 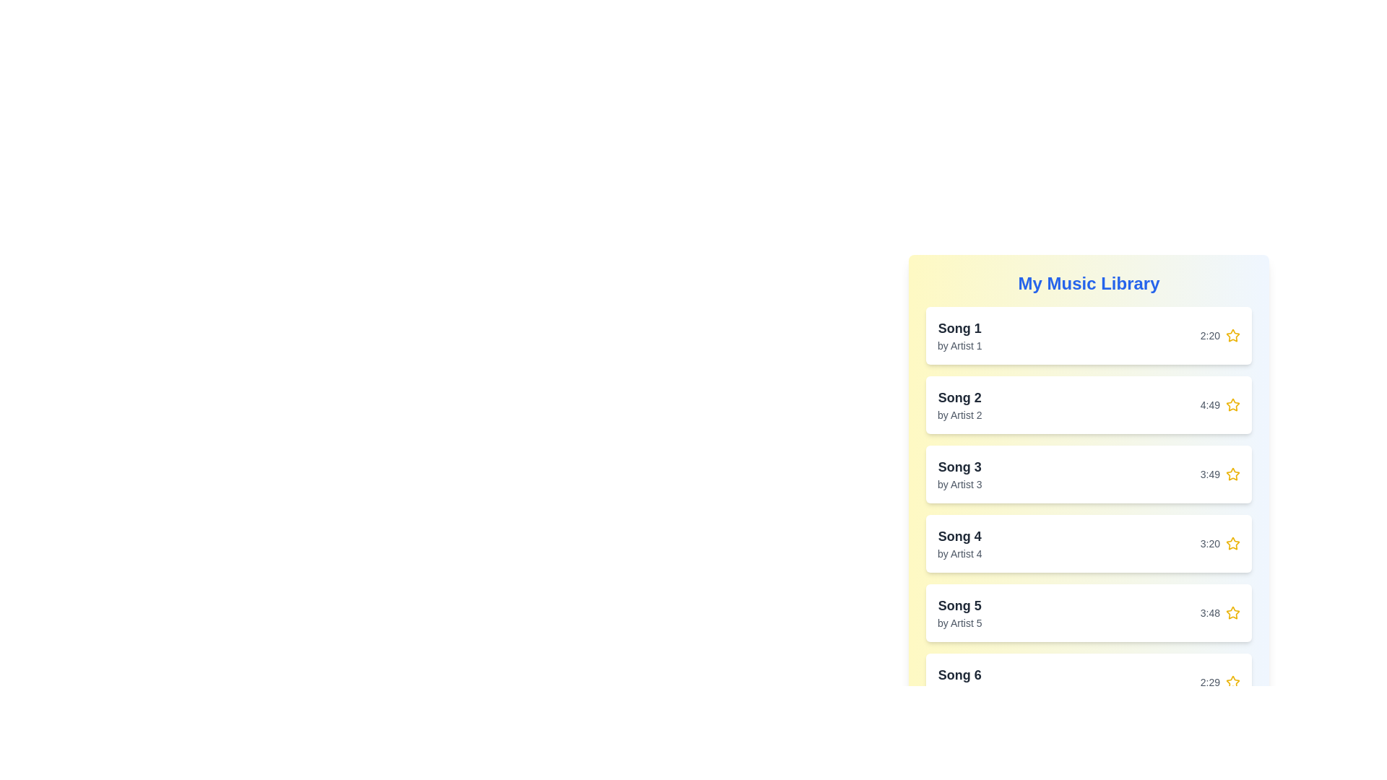 What do you see at coordinates (1210, 543) in the screenshot?
I see `the text label displaying the time '3:20', which is positioned in the row for 'Song 4' in the music library listing, adjacent to a star icon` at bounding box center [1210, 543].